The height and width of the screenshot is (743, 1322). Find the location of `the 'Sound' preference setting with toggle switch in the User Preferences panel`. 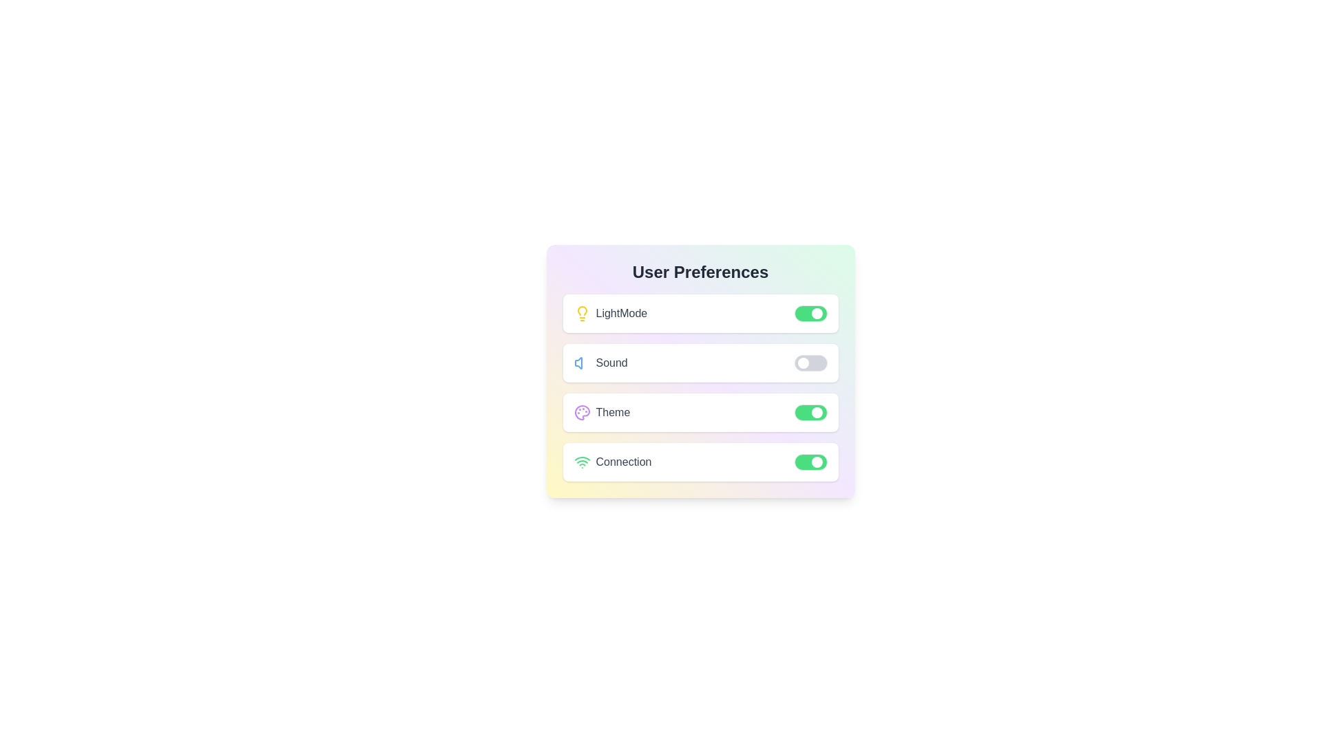

the 'Sound' preference setting with toggle switch in the User Preferences panel is located at coordinates (700, 371).